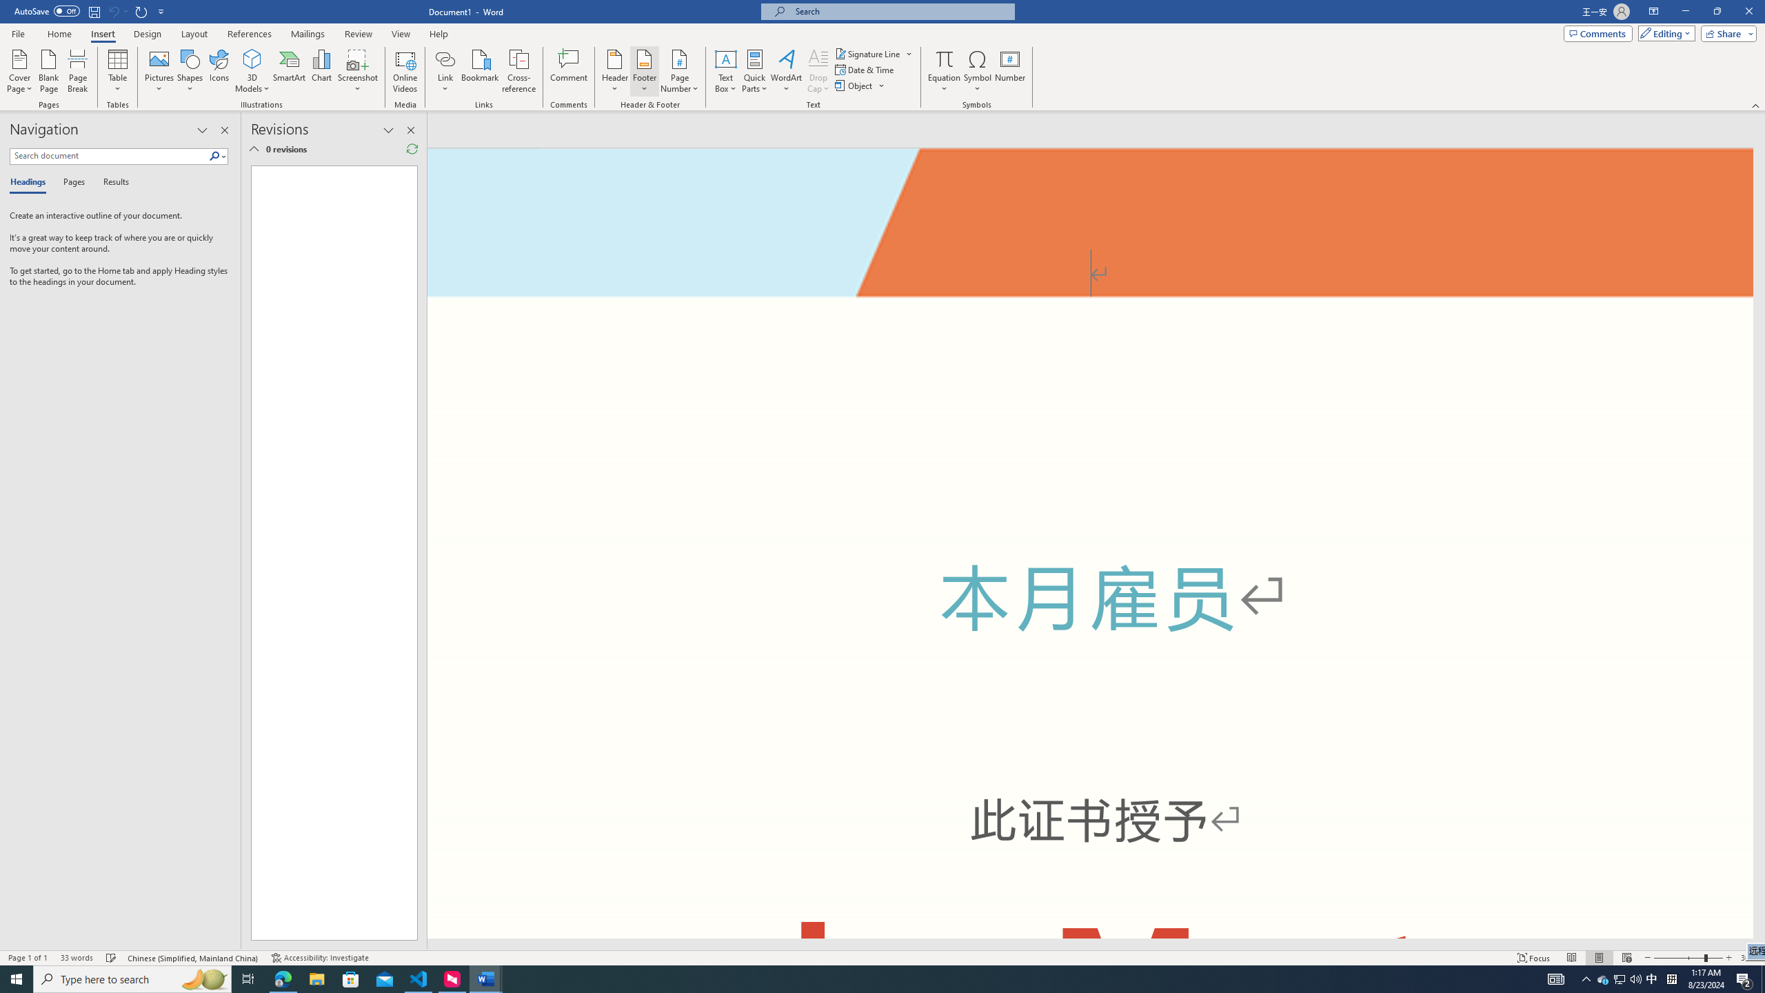 The height and width of the screenshot is (993, 1765). Describe the element at coordinates (253, 148) in the screenshot. I see `'Show Detailed Summary'` at that location.